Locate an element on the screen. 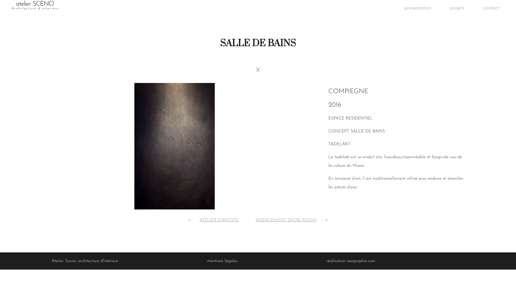 This screenshot has height=290, width=516. 'x' is located at coordinates (258, 69).